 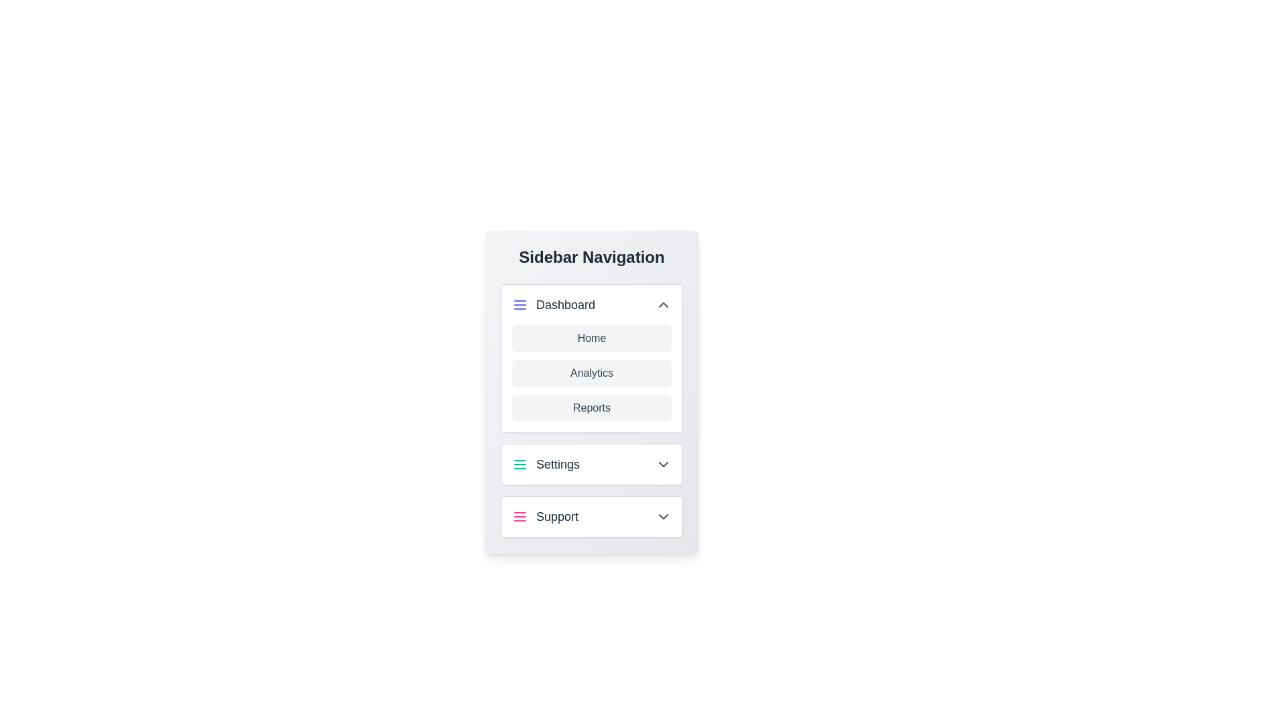 What do you see at coordinates (545, 516) in the screenshot?
I see `the 'Support' button located in the sidebar navigation section` at bounding box center [545, 516].